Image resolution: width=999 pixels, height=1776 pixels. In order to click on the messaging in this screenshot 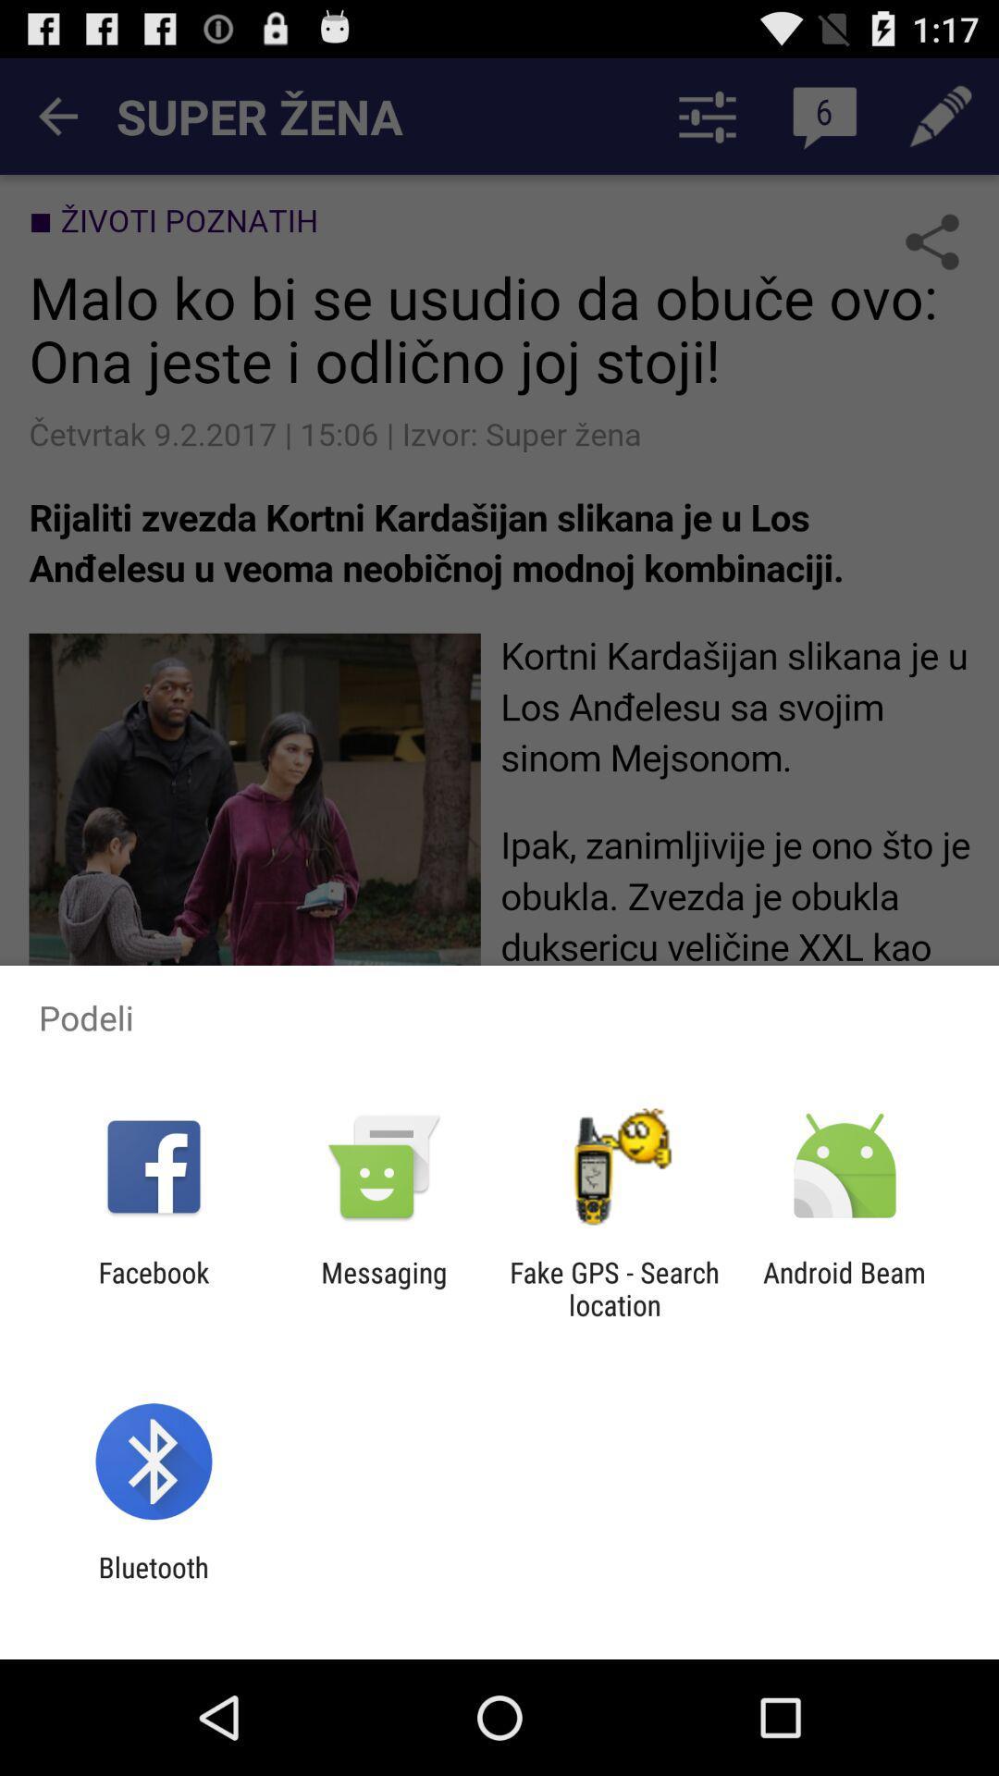, I will do `click(383, 1288)`.